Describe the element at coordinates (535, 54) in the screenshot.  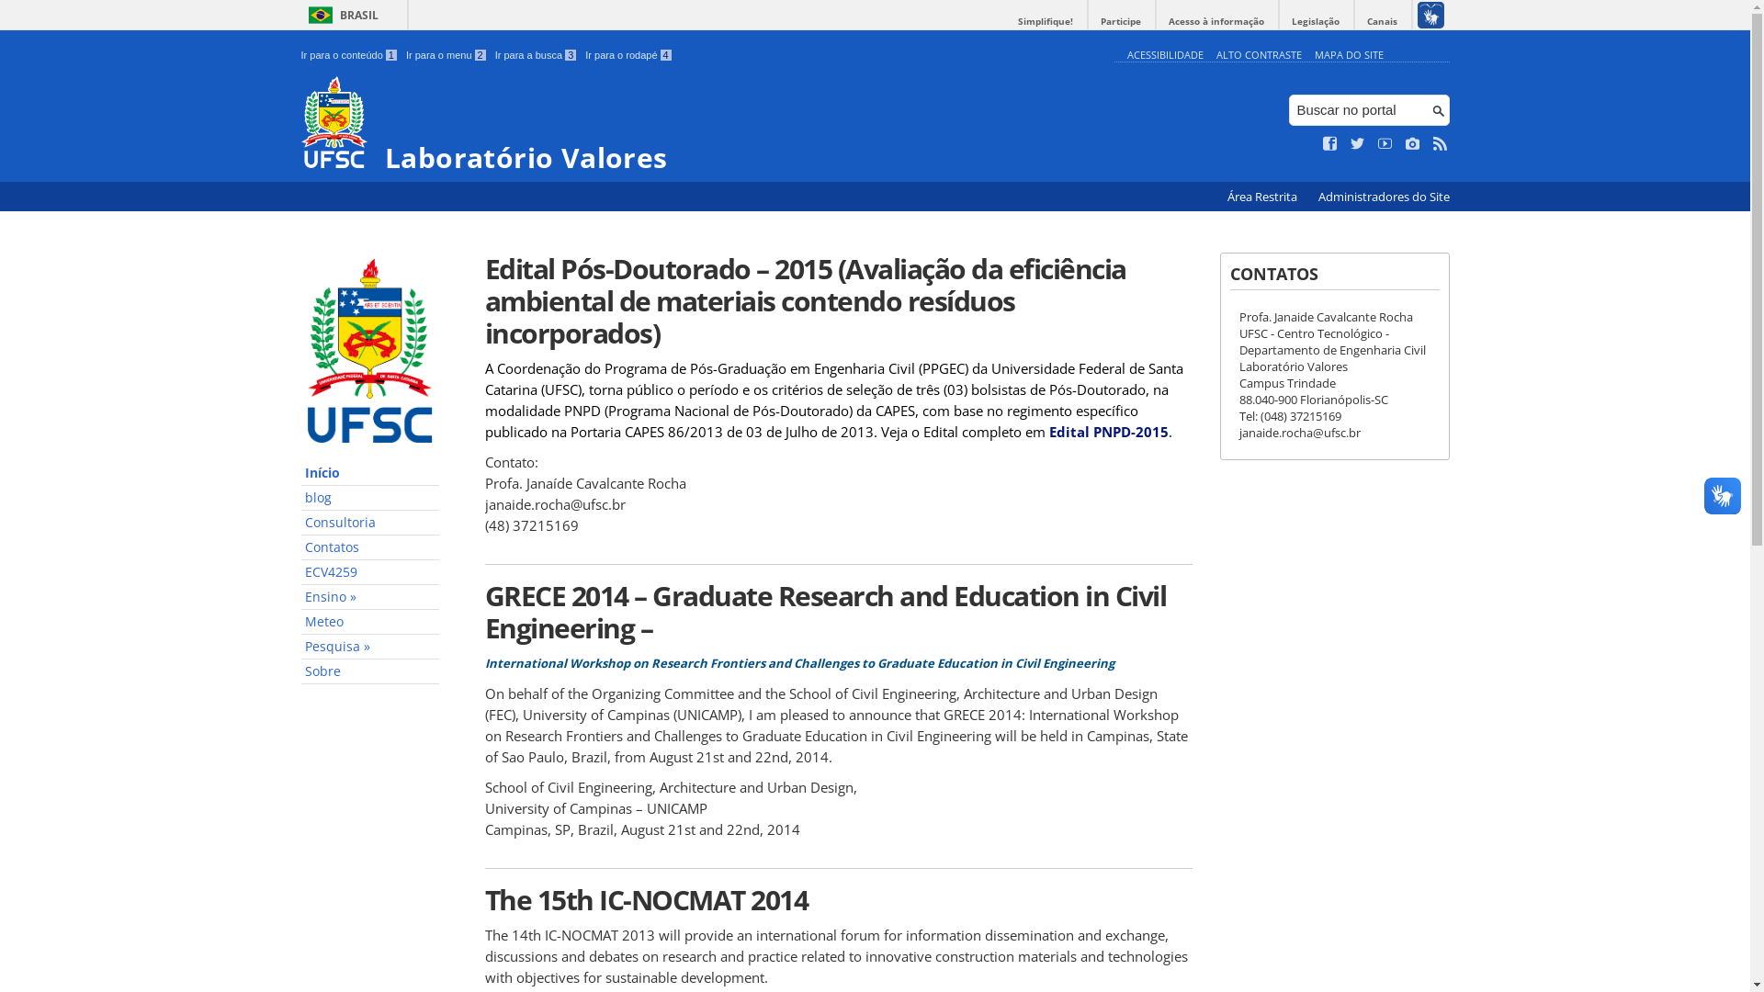
I see `'Ir para a busca 3'` at that location.